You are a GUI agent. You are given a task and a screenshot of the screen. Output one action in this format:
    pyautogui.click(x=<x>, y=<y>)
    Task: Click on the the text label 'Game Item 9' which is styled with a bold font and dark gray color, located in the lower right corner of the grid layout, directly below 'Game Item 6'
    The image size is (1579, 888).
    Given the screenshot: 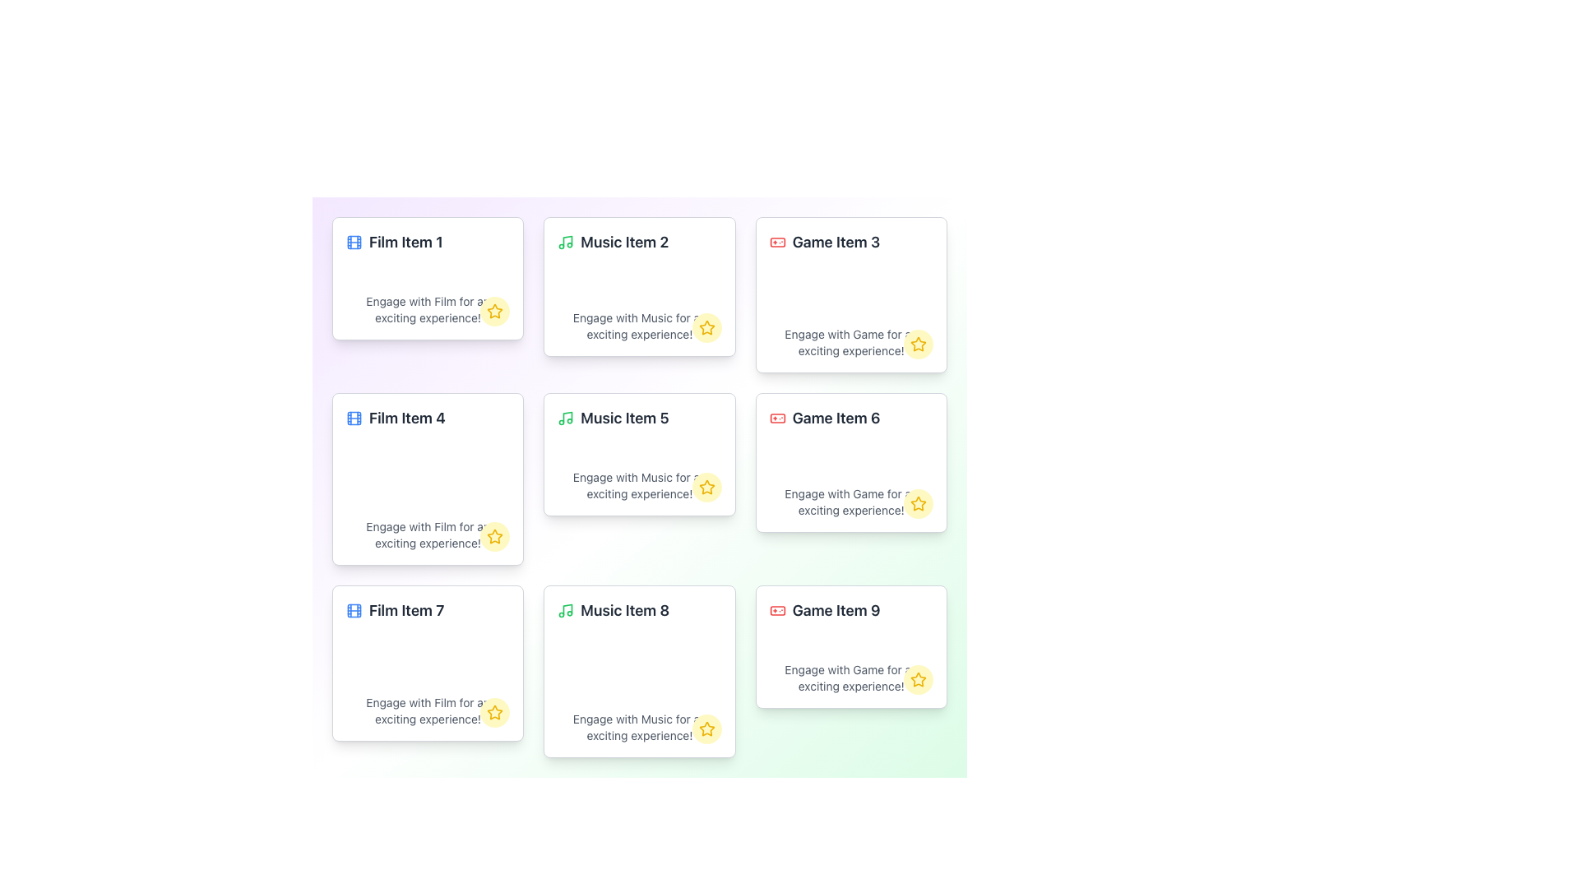 What is the action you would take?
    pyautogui.click(x=836, y=611)
    